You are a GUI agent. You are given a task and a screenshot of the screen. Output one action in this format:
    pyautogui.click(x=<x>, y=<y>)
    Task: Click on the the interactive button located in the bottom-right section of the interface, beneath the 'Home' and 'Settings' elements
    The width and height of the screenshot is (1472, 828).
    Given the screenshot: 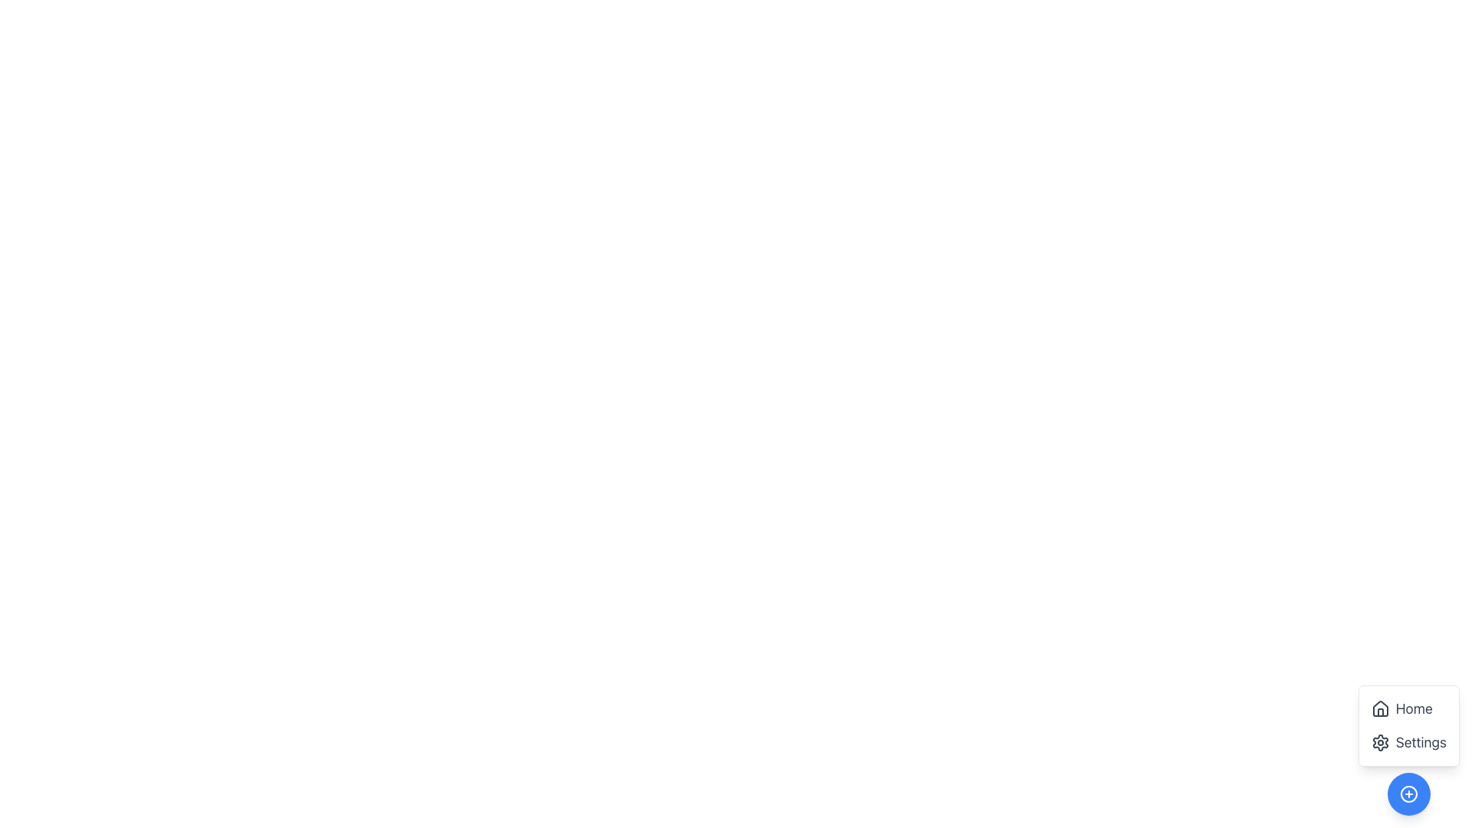 What is the action you would take?
    pyautogui.click(x=1408, y=793)
    